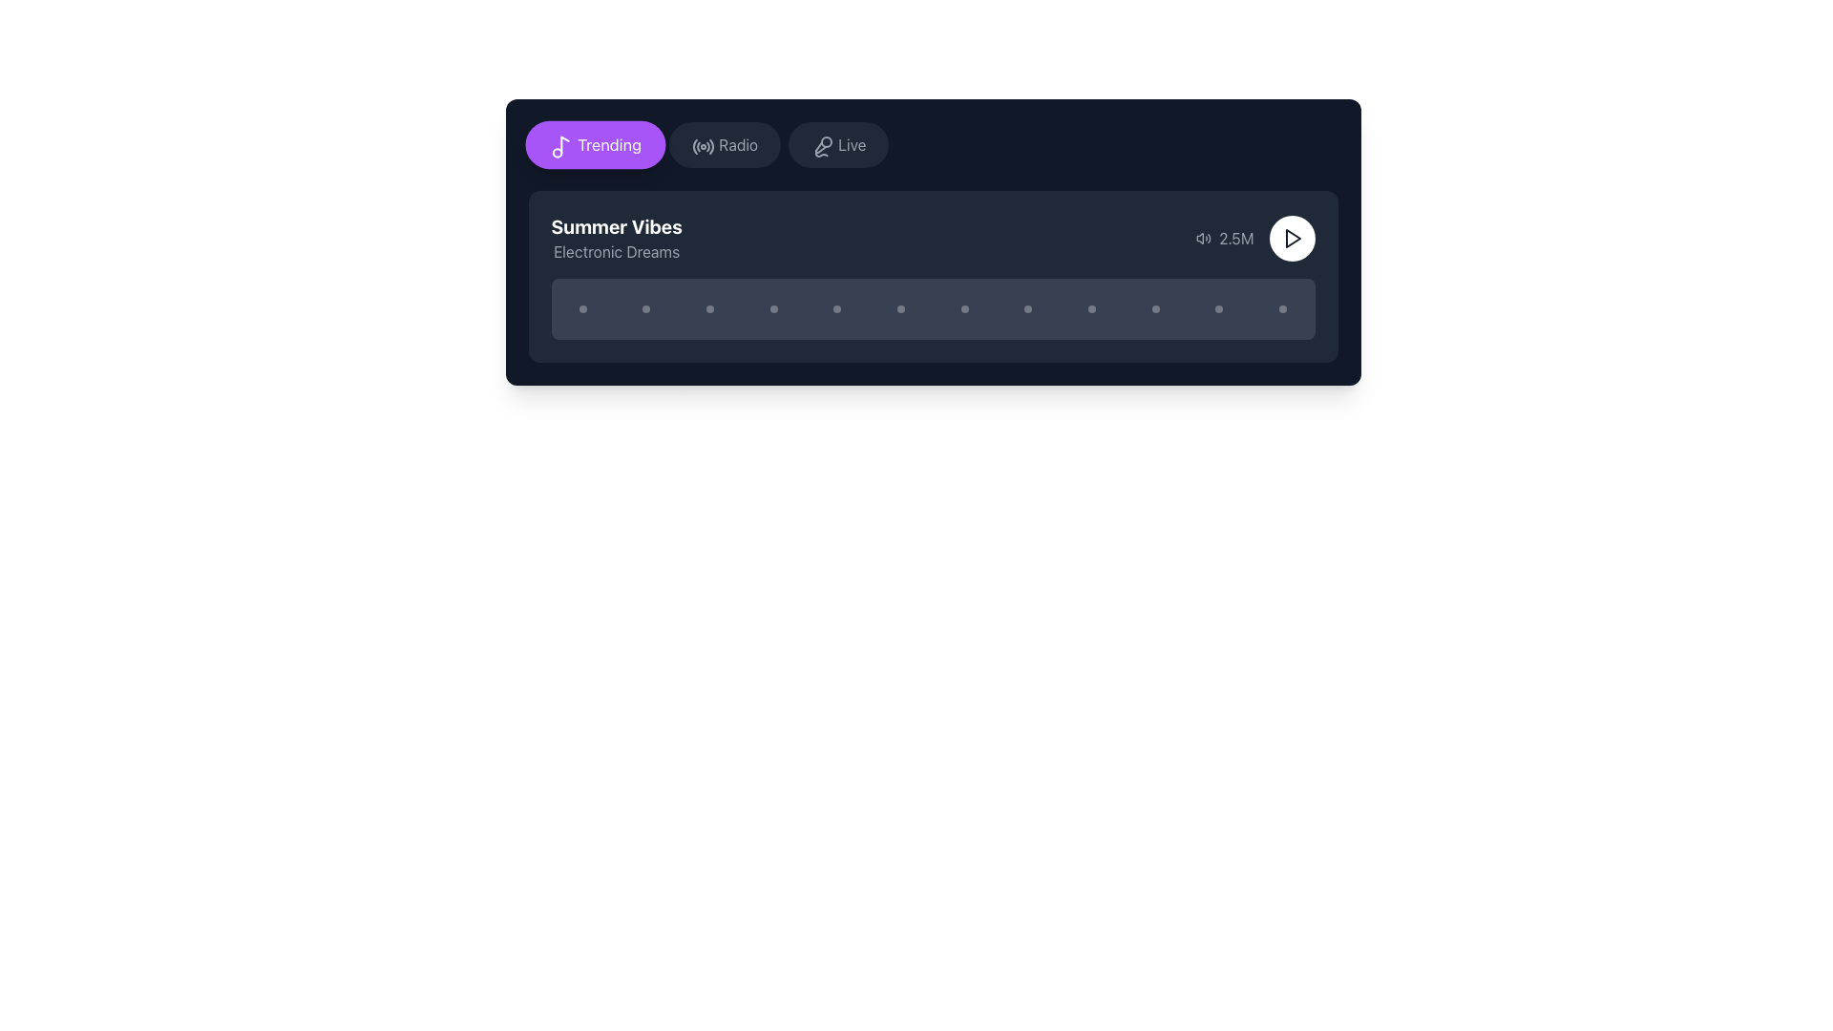  Describe the element at coordinates (617, 226) in the screenshot. I see `text element that serves as a title or header, indicating the name of a song or playlist, located near the top-left corner of the interface` at that location.